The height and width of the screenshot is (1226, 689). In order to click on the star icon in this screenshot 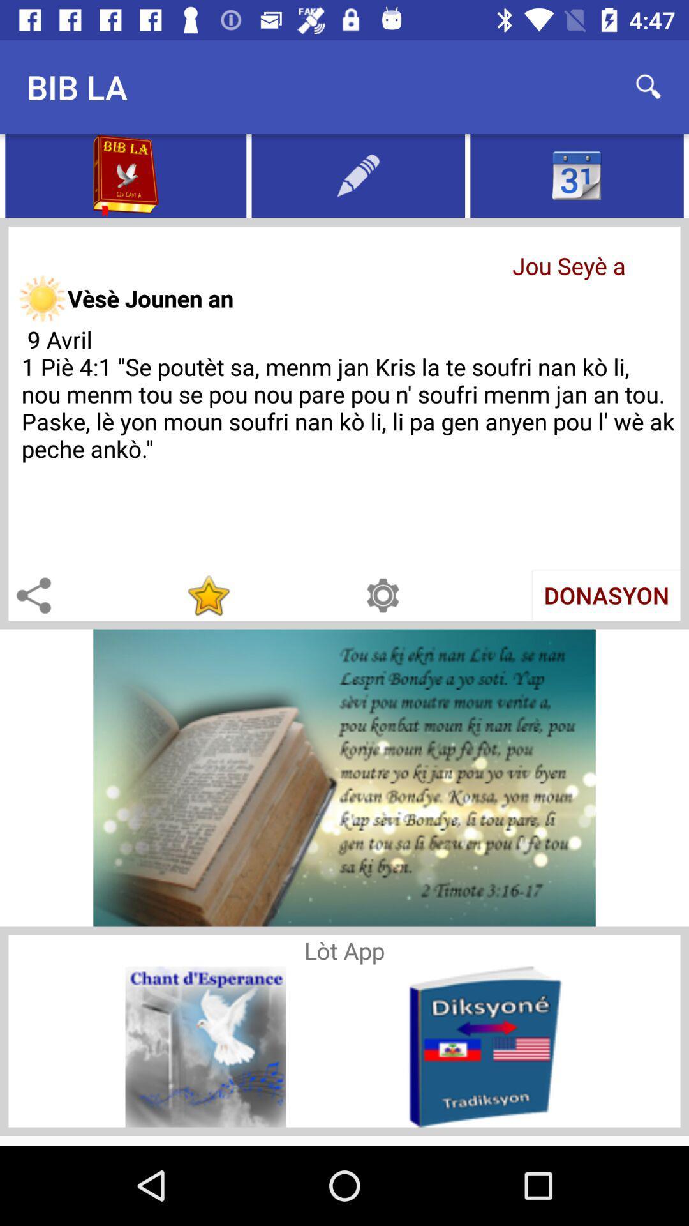, I will do `click(207, 594)`.